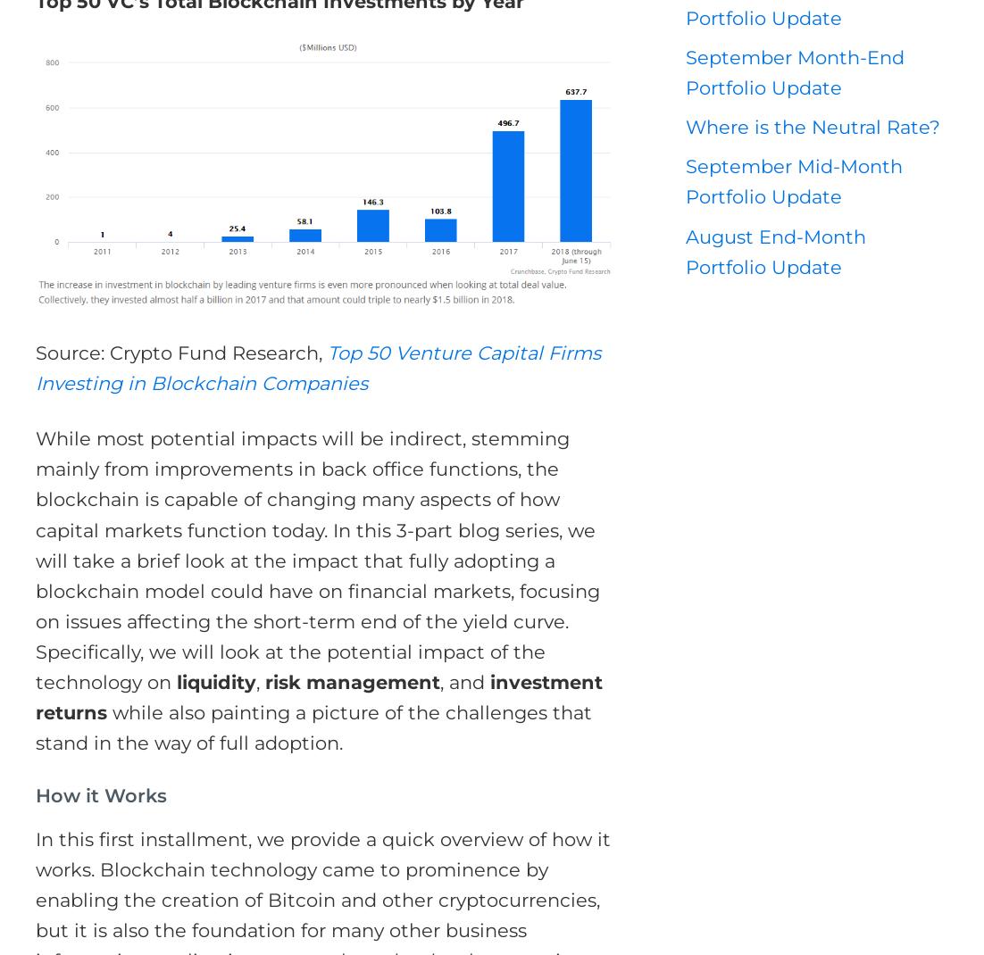  Describe the element at coordinates (35, 560) in the screenshot. I see `'While most potential impacts will be indirect, stemming mainly from improvements in back office functions, the blockchain is capable of changing many aspects of how capital markets function today. In this 3-part blog series, we will take a brief look at the impact that fully adopting a blockchain model could have on financial markets, focusing on issues affecting the short-term end of the yield curve. Specifically, we will look at the potential impact of the technology on'` at that location.